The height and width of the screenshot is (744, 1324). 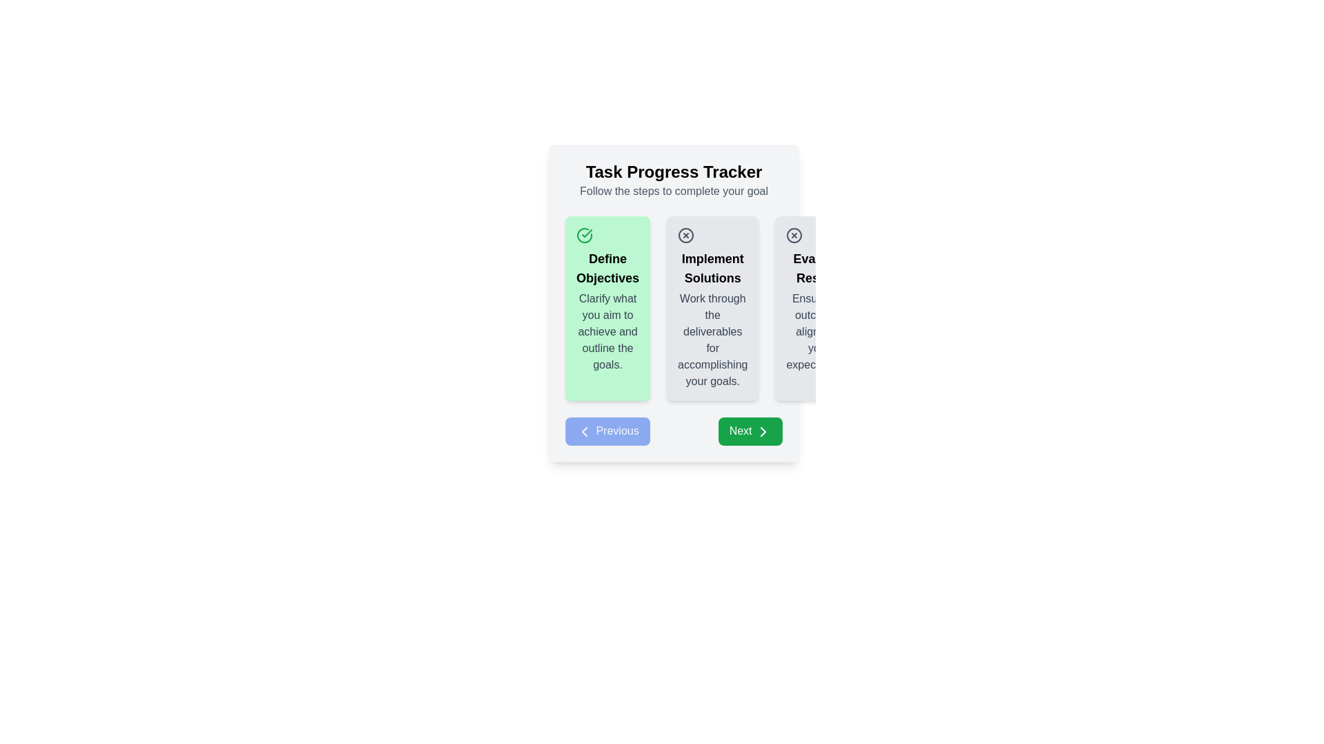 I want to click on the leftmost navigation button in the task progress tracker, so click(x=607, y=431).